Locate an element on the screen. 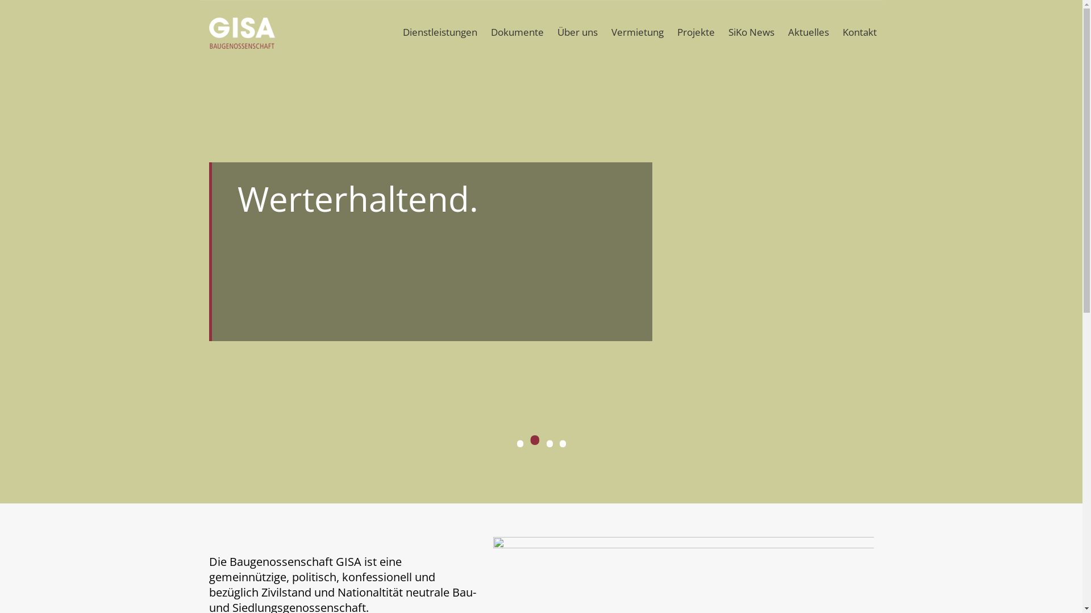 This screenshot has width=1091, height=613. 'Aktuelles' is located at coordinates (807, 31).